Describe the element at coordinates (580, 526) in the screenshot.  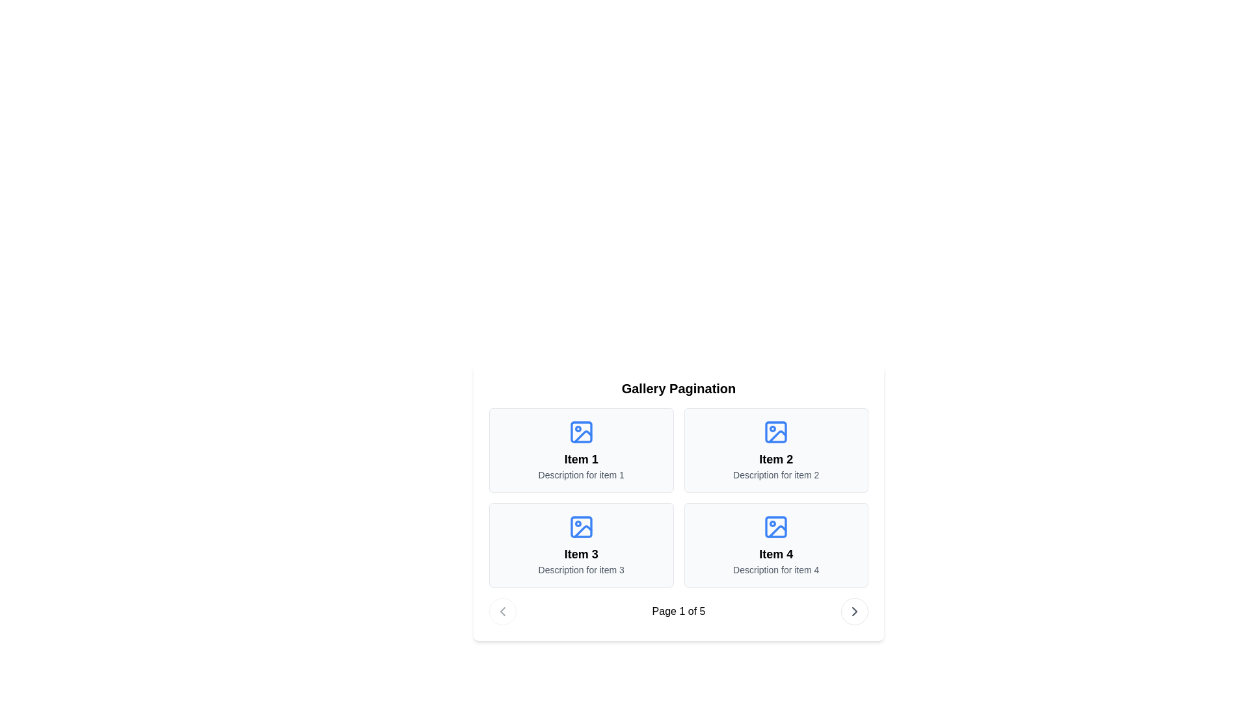
I see `the graphical vector element representing 'Item 3' within the icon in the lower-left corner of the grid layout` at that location.